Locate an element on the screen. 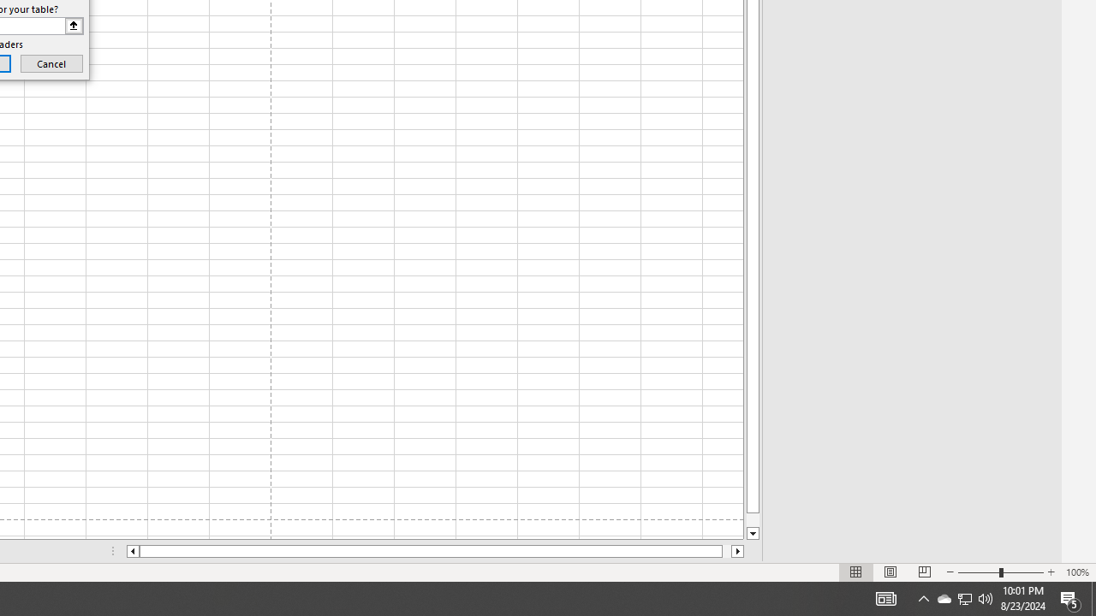 The image size is (1096, 616). 'Column right' is located at coordinates (738, 551).